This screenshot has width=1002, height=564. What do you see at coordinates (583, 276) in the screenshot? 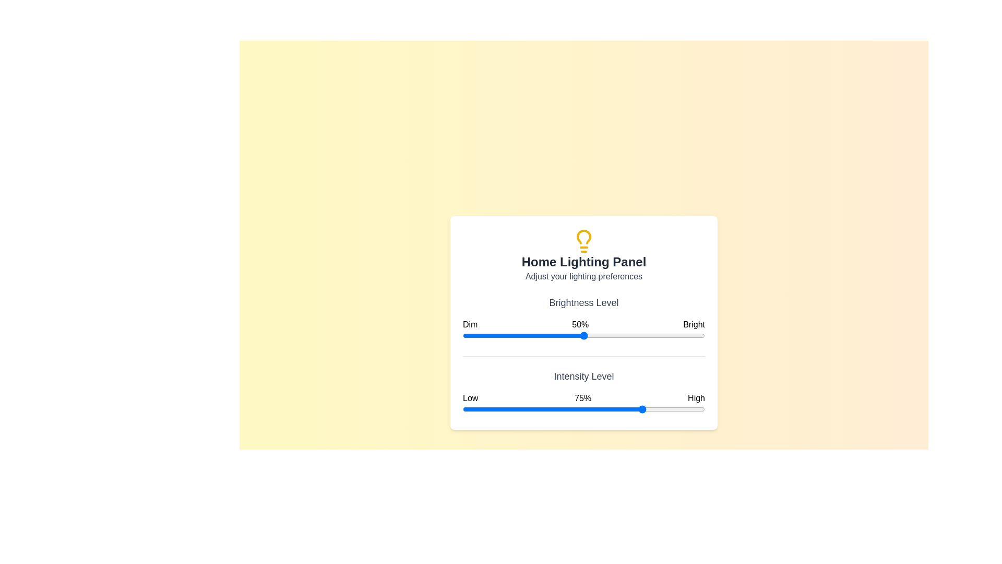
I see `the static text label that serves as a subtitle for the 'Home Lighting Panel', located directly beneath the title within the centered white box` at bounding box center [583, 276].